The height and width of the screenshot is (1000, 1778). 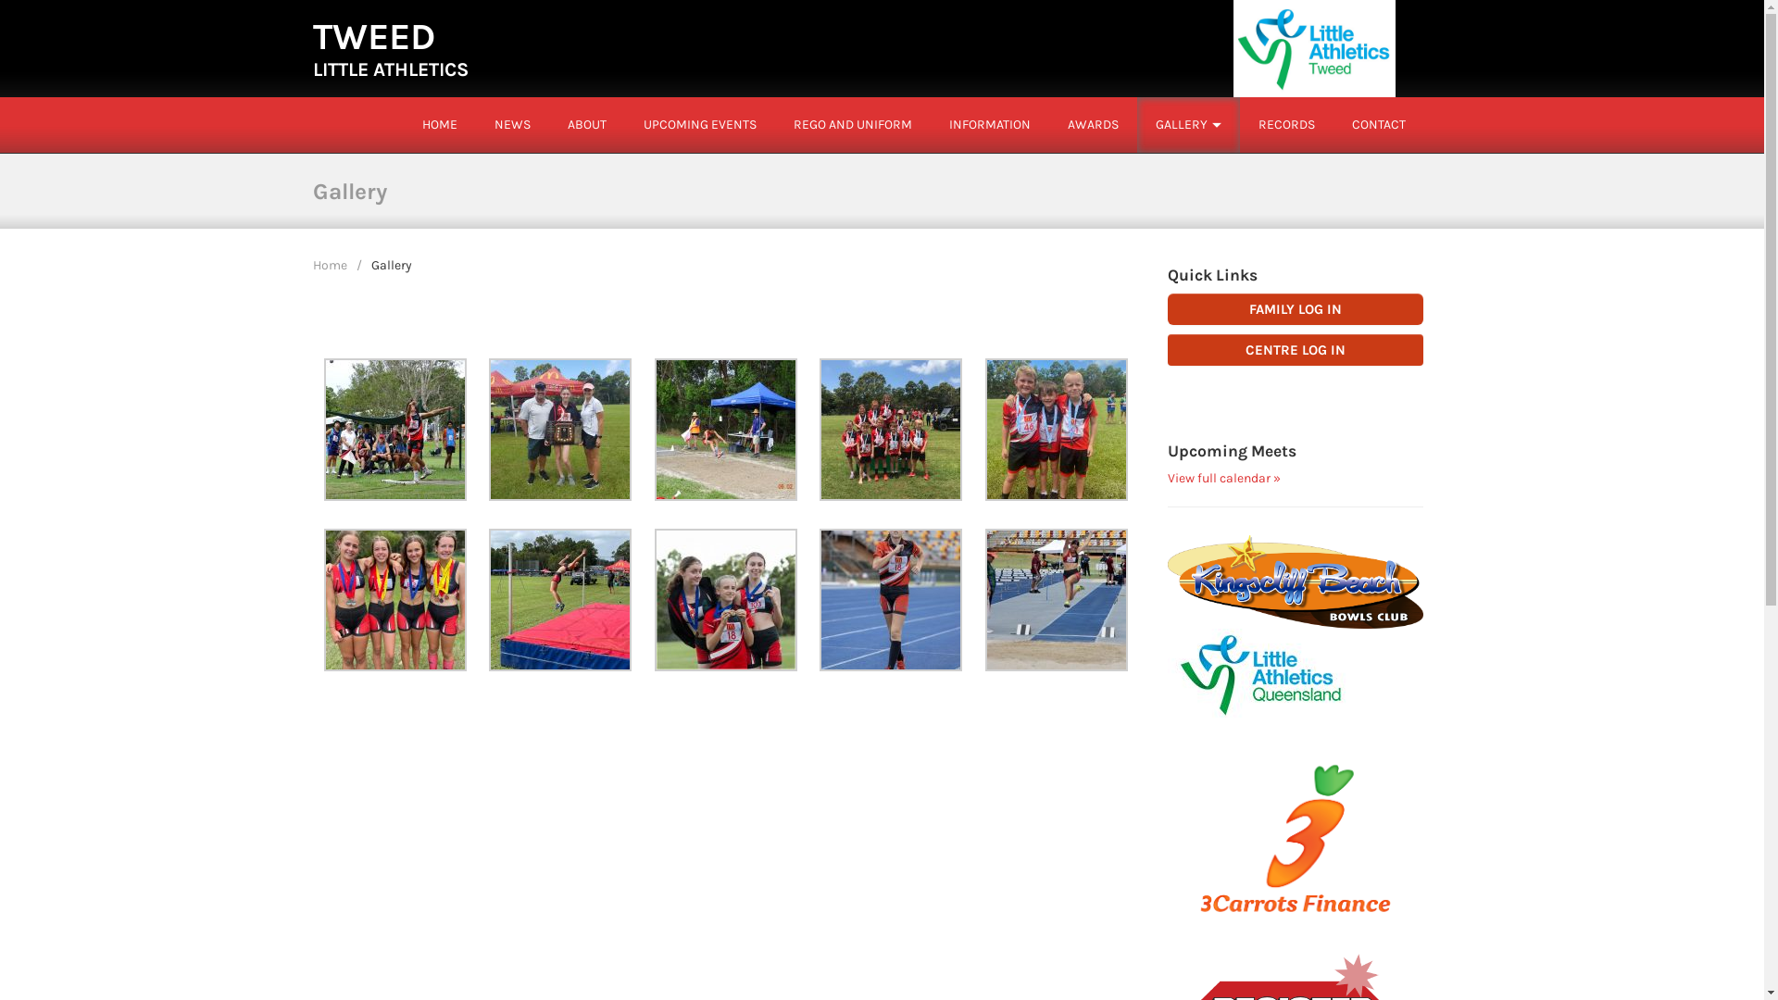 What do you see at coordinates (1378, 124) in the screenshot?
I see `'CONTACT'` at bounding box center [1378, 124].